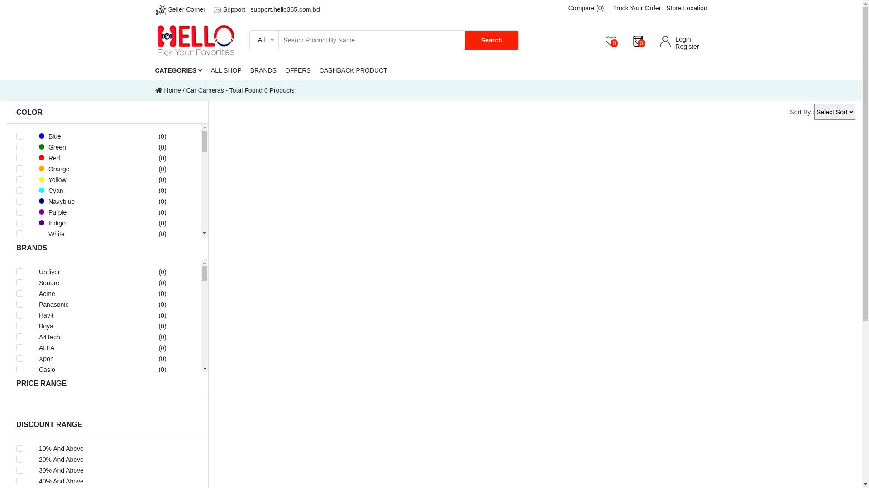 This screenshot has width=869, height=488. Describe the element at coordinates (16, 179) in the screenshot. I see `'Yellow'` at that location.